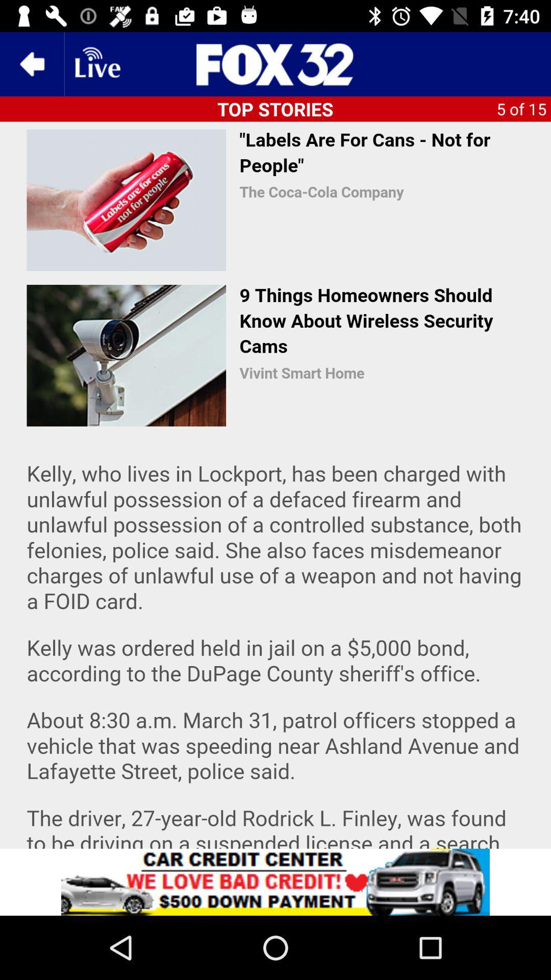  What do you see at coordinates (275, 484) in the screenshot?
I see `page content` at bounding box center [275, 484].